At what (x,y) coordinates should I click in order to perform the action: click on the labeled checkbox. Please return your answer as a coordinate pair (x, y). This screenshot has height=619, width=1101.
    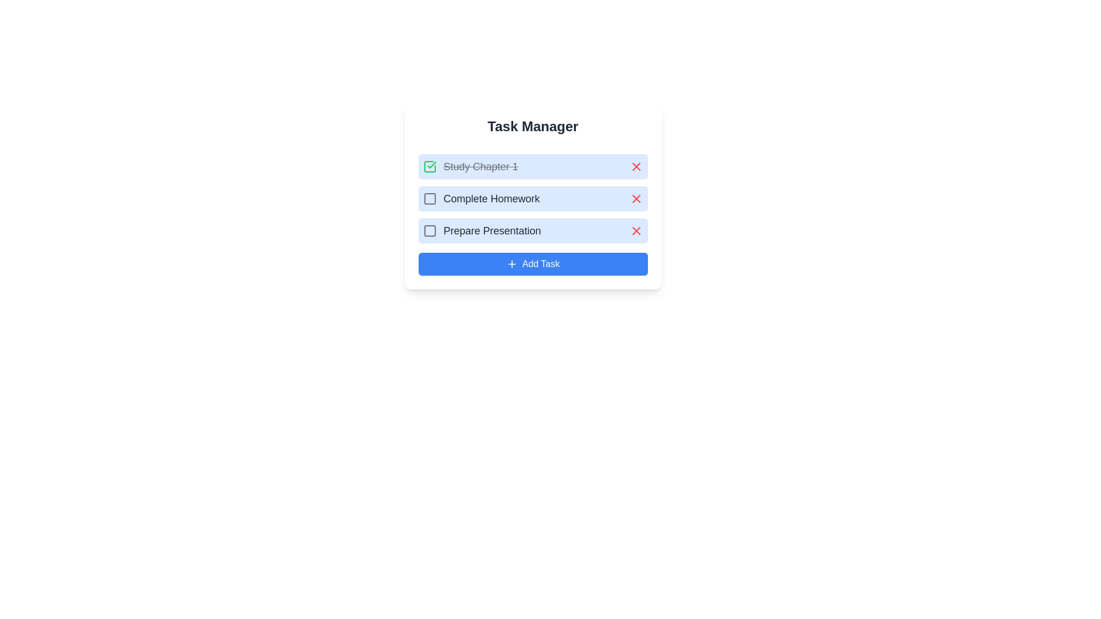
    Looking at the image, I should click on (482, 230).